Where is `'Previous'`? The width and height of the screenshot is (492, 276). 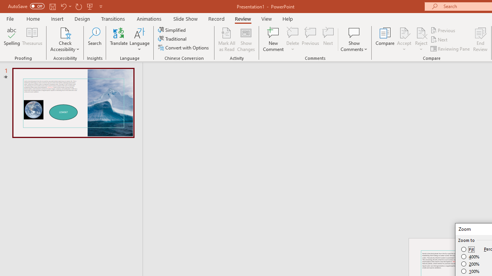 'Previous' is located at coordinates (443, 30).